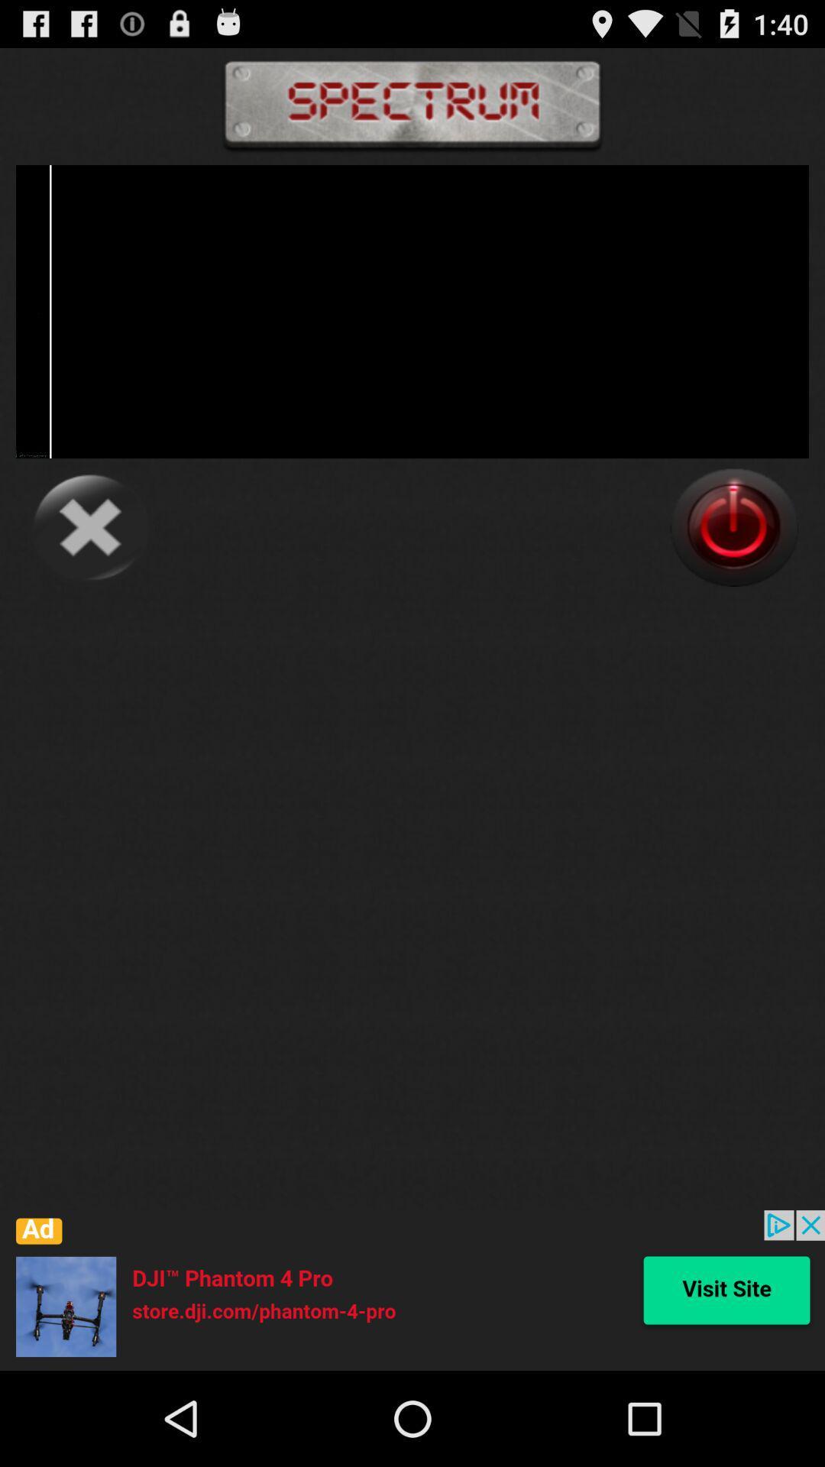  I want to click on cancel, so click(90, 527).